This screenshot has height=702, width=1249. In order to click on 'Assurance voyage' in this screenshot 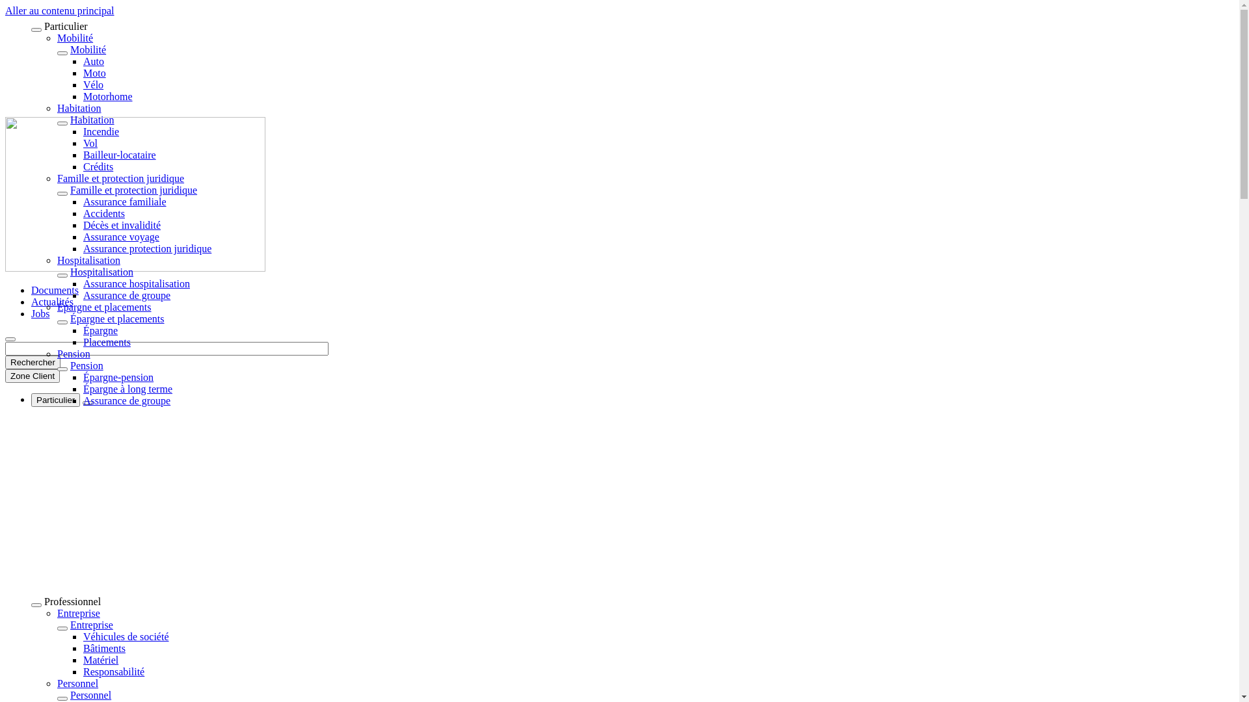, I will do `click(121, 237)`.